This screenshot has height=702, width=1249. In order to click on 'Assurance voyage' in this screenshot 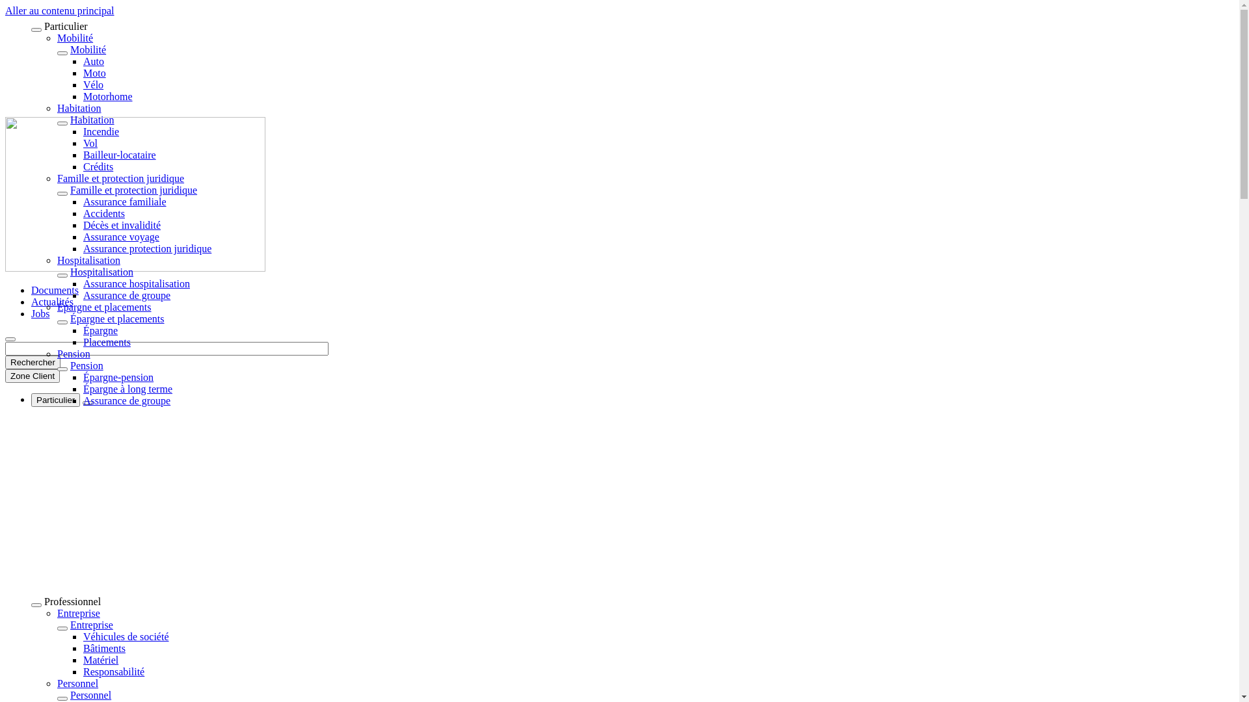, I will do `click(121, 237)`.